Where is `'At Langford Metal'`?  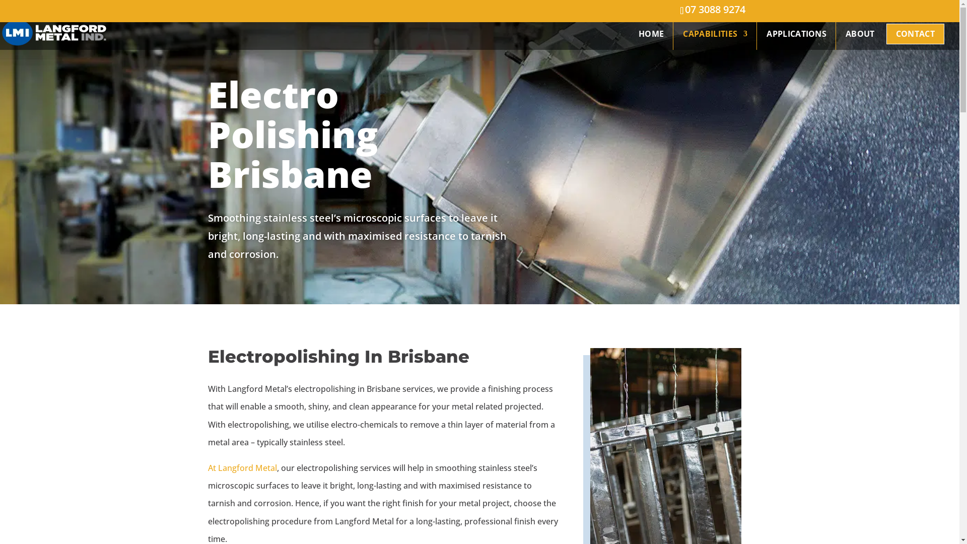
'At Langford Metal' is located at coordinates (242, 468).